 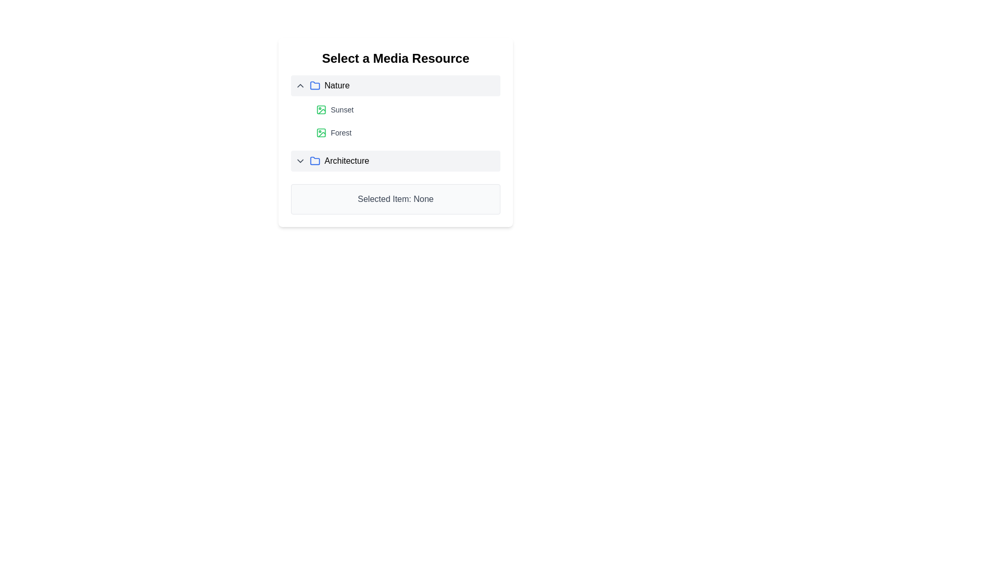 I want to click on the blue outlined folder icon located next to the text 'Architecture', so click(x=314, y=161).